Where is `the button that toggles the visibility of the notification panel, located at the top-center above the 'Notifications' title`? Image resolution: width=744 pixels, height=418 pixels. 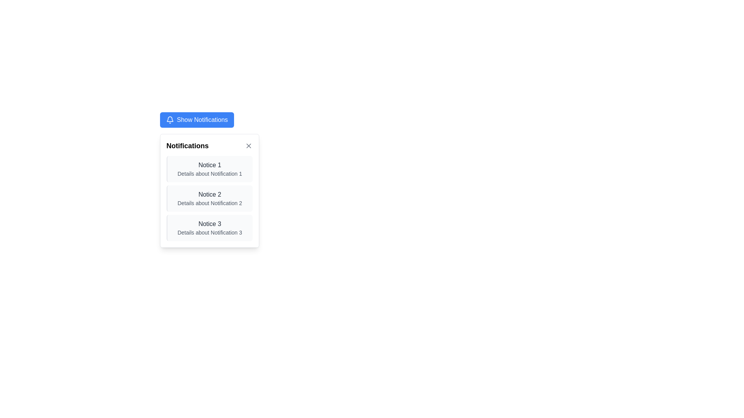 the button that toggles the visibility of the notification panel, located at the top-center above the 'Notifications' title is located at coordinates (197, 120).